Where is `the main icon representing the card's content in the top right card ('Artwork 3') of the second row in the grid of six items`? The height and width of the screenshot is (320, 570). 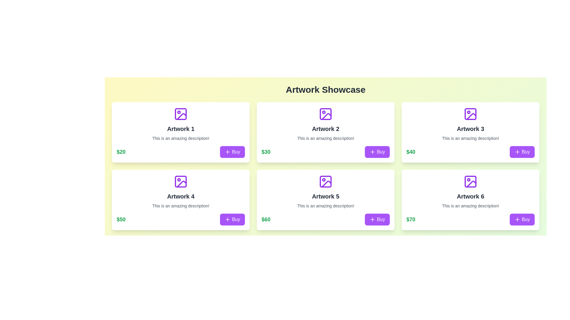
the main icon representing the card's content in the top right card ('Artwork 3') of the second row in the grid of six items is located at coordinates (470, 114).